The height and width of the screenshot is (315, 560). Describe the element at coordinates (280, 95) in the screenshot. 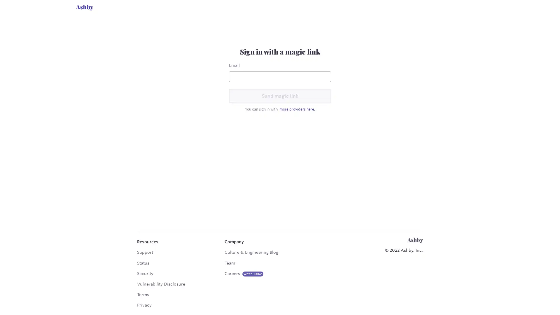

I see `Send magic link` at that location.